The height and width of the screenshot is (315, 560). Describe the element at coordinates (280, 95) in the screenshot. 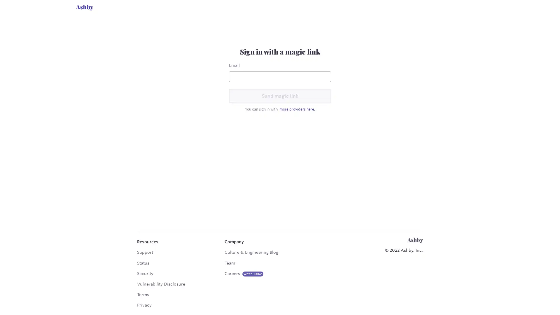

I see `Send magic link` at that location.